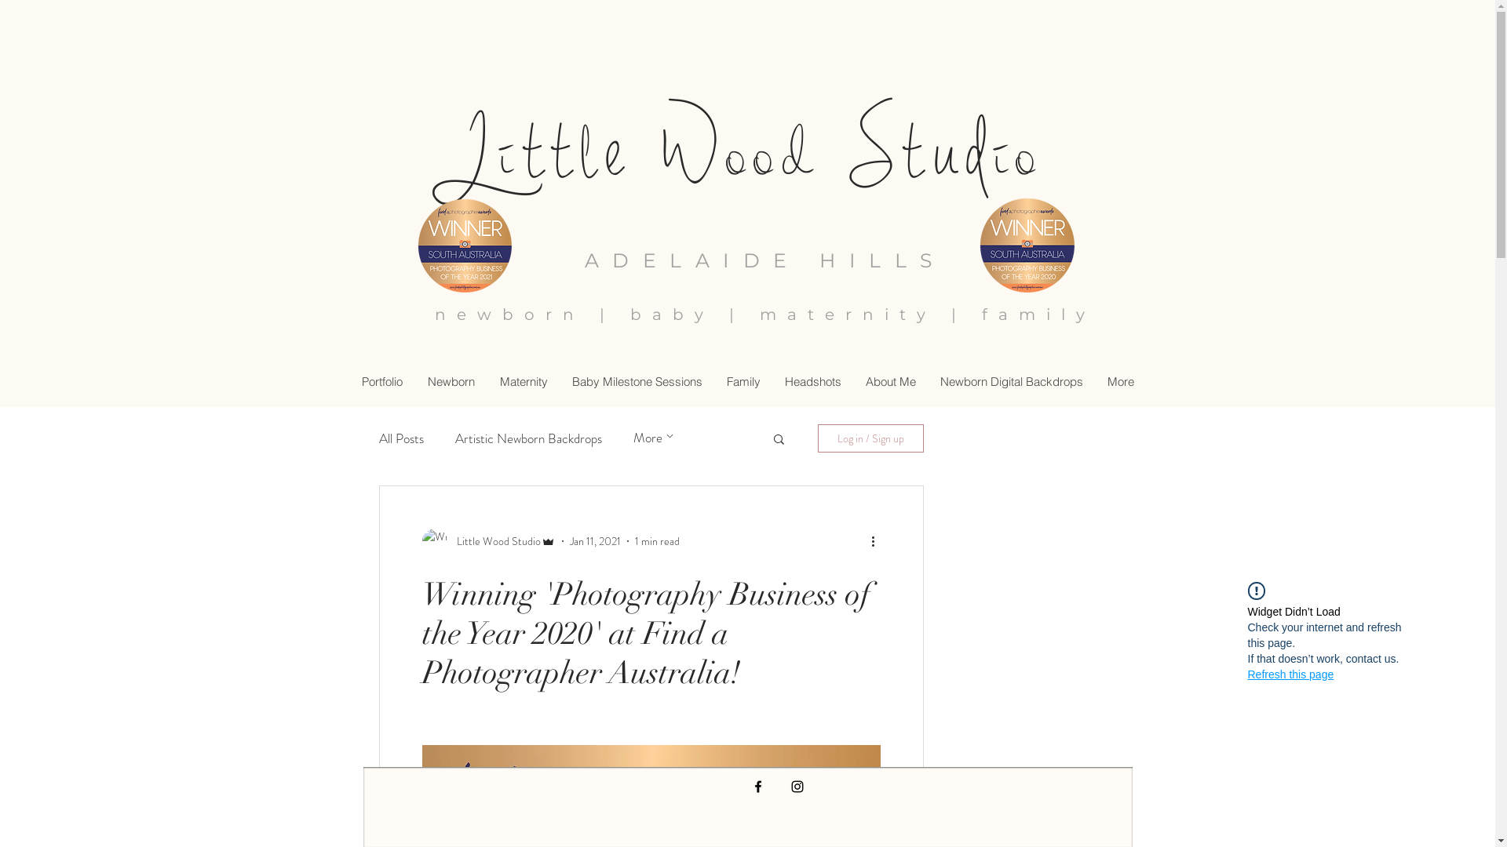 The height and width of the screenshot is (847, 1507). What do you see at coordinates (764, 259) in the screenshot?
I see `'ADELAIDE HILLS'` at bounding box center [764, 259].